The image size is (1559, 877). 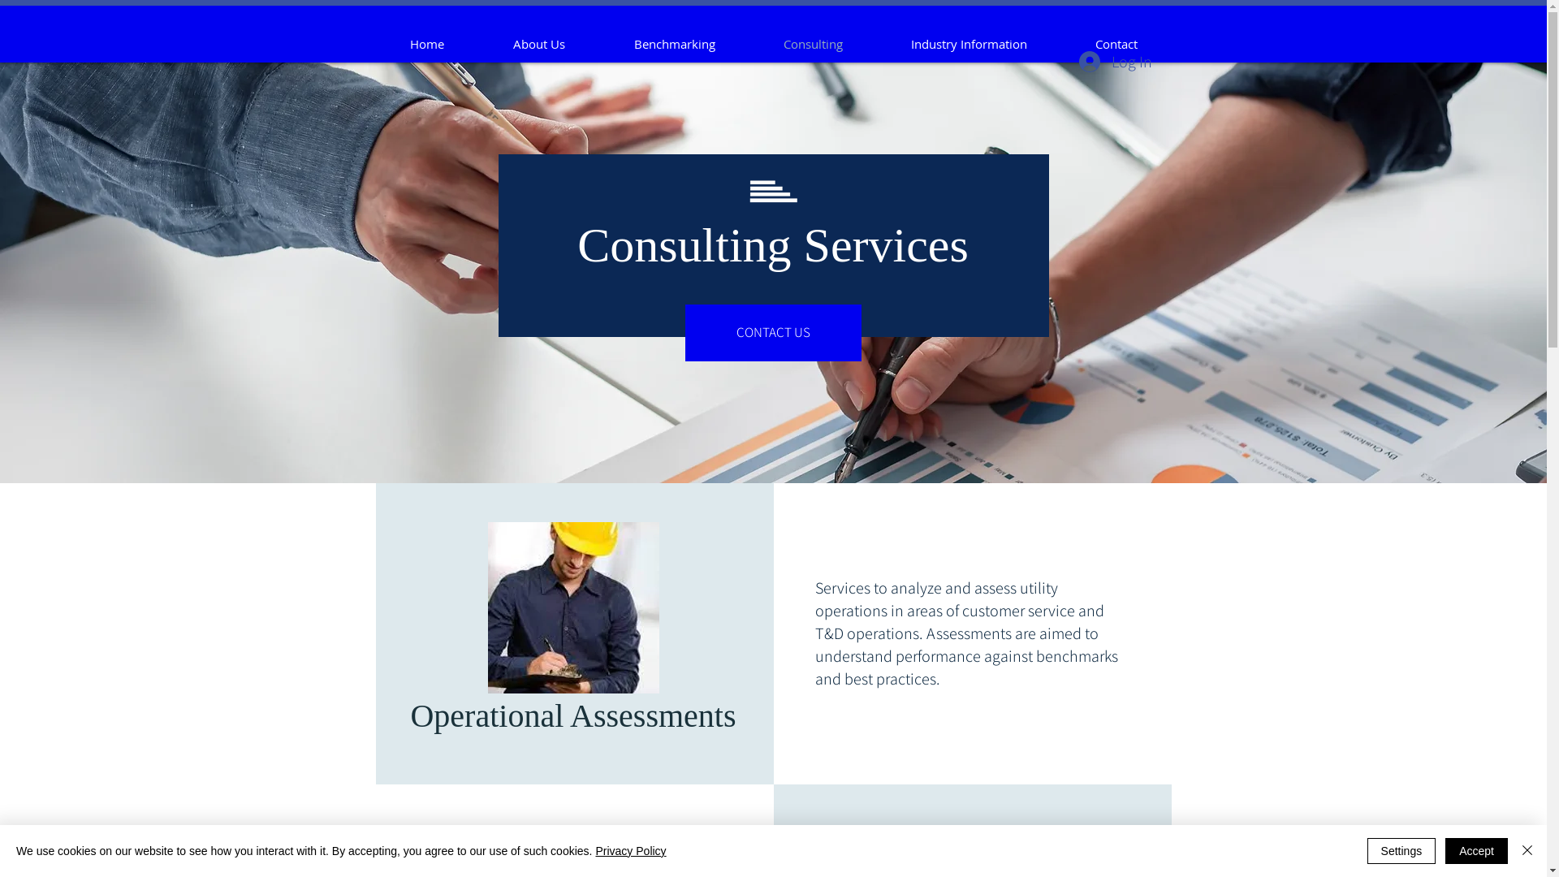 I want to click on 'Settings', so click(x=1401, y=850).